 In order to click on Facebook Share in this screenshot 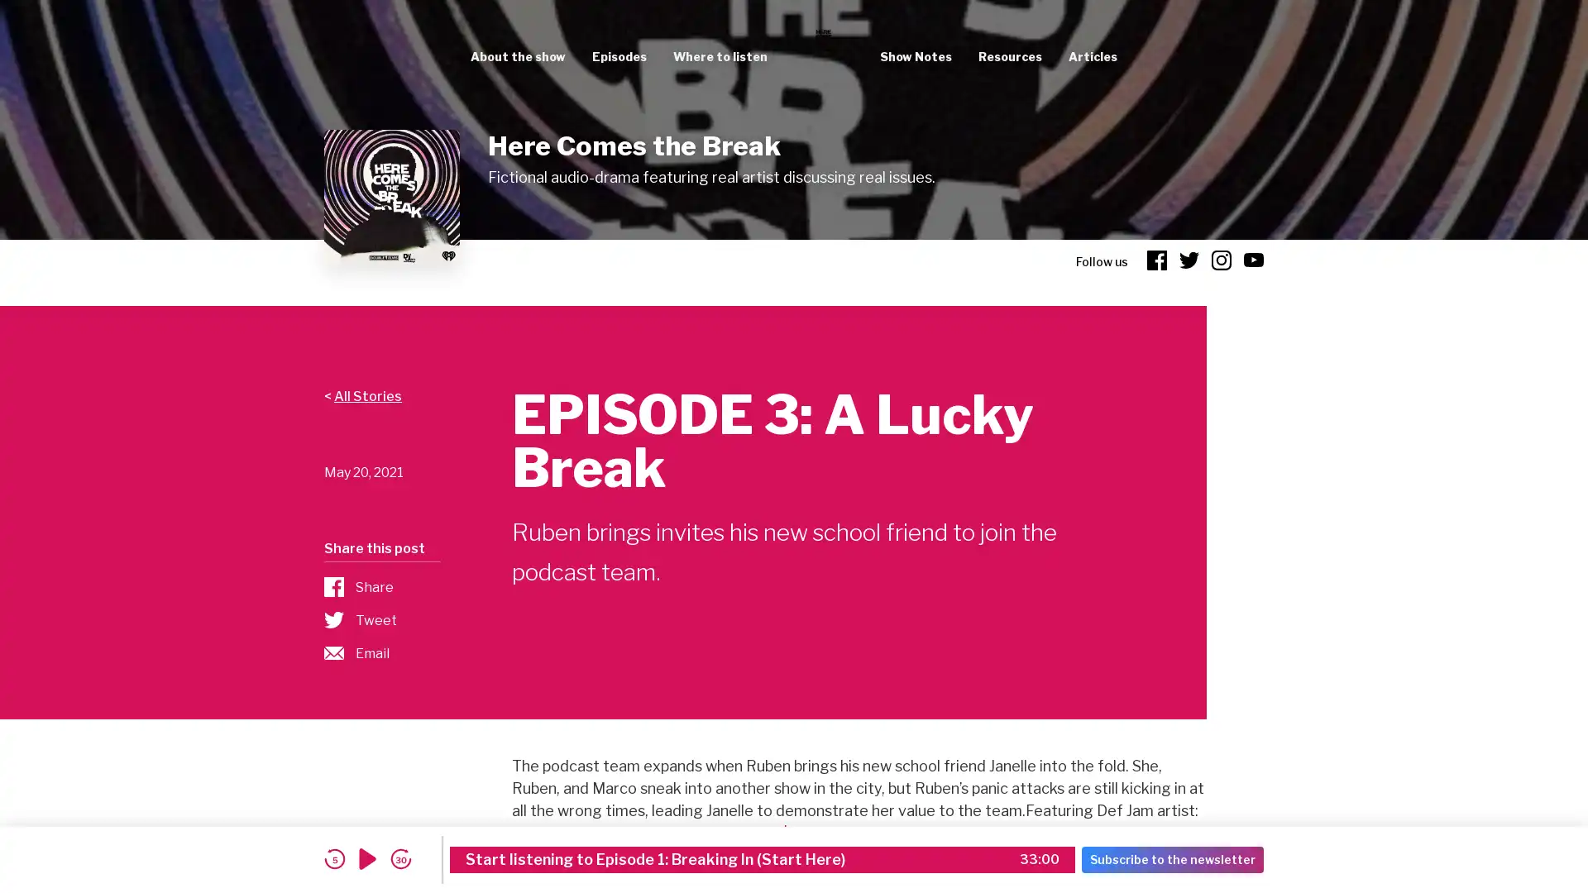, I will do `click(380, 585)`.